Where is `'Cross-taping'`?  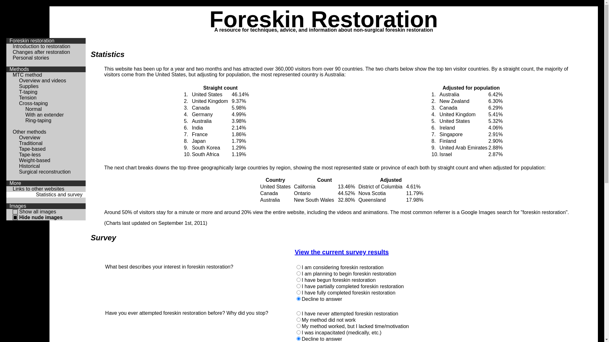
'Cross-taping' is located at coordinates (19, 103).